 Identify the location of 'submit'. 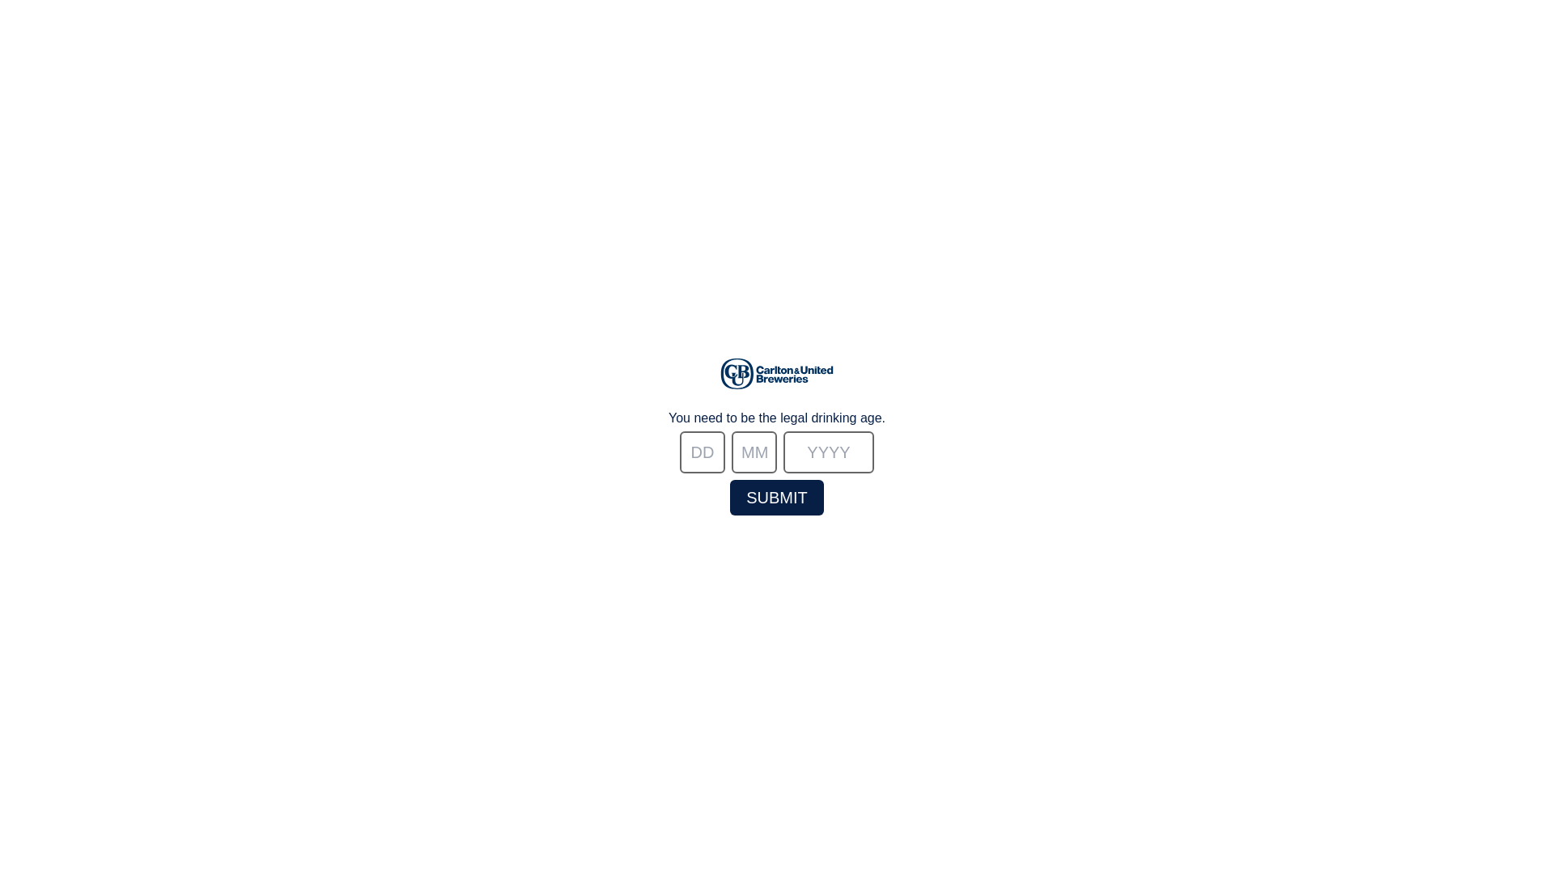
(729, 496).